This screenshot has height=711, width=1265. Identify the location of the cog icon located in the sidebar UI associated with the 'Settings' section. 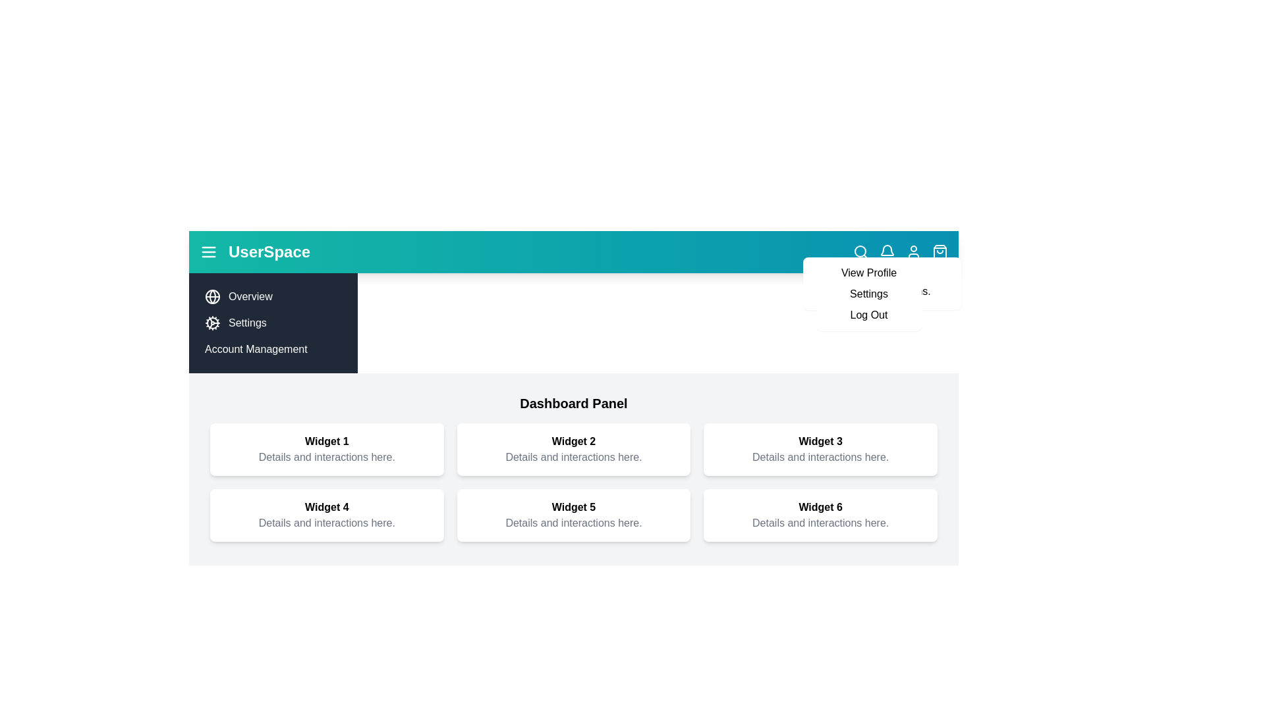
(212, 323).